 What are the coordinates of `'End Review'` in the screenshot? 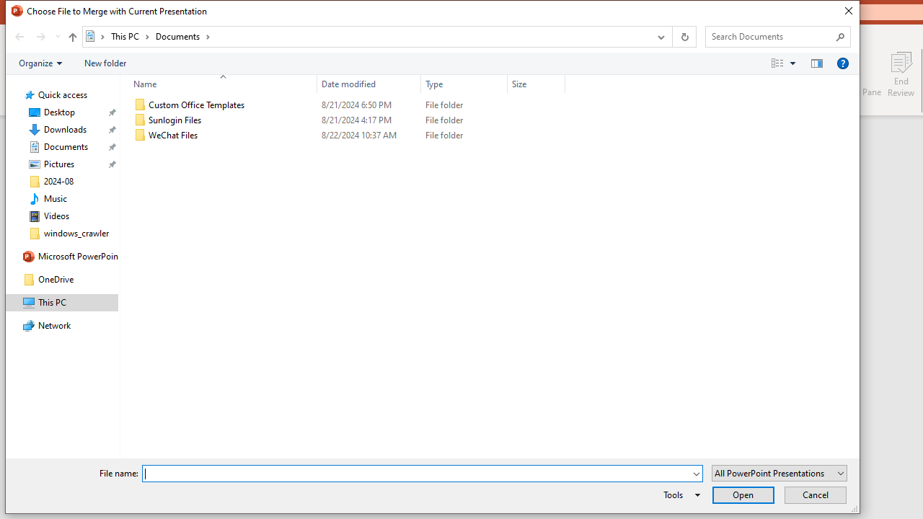 It's located at (900, 74).